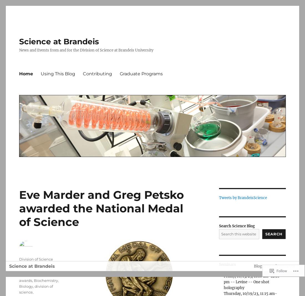 This screenshot has width=305, height=296. I want to click on 'Seminars', so click(227, 264).